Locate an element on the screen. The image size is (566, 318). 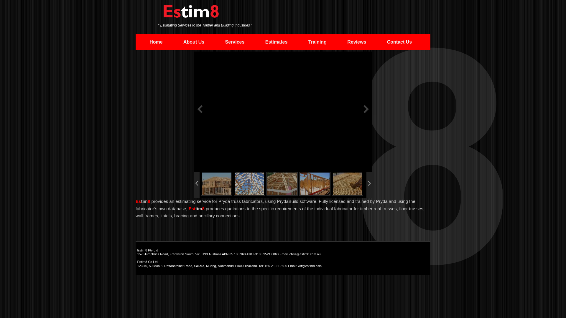
'Slide Right' is located at coordinates (369, 184).